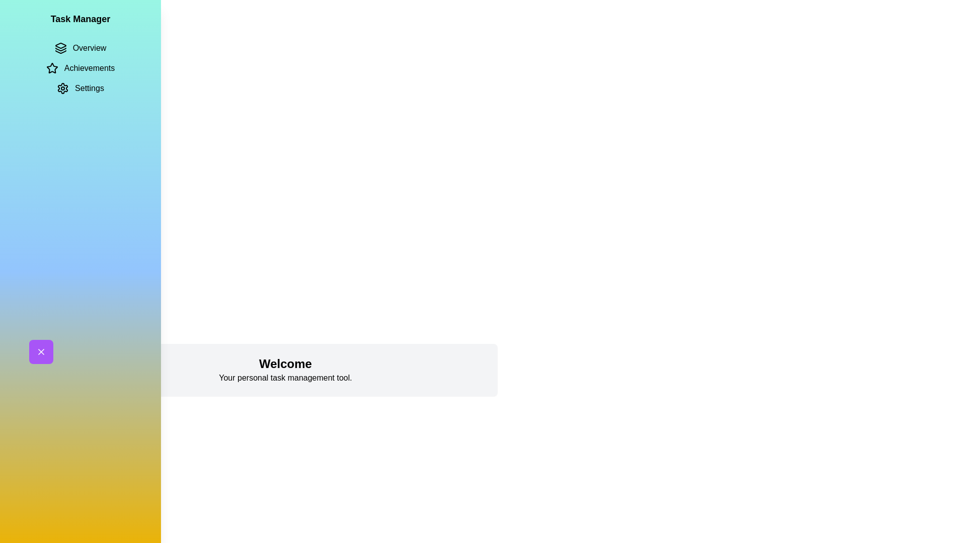  Describe the element at coordinates (285, 370) in the screenshot. I see `textual content of the centered text block displaying the bold heading 'Welcome' and the subtitle 'Your personal task management tool.'` at that location.